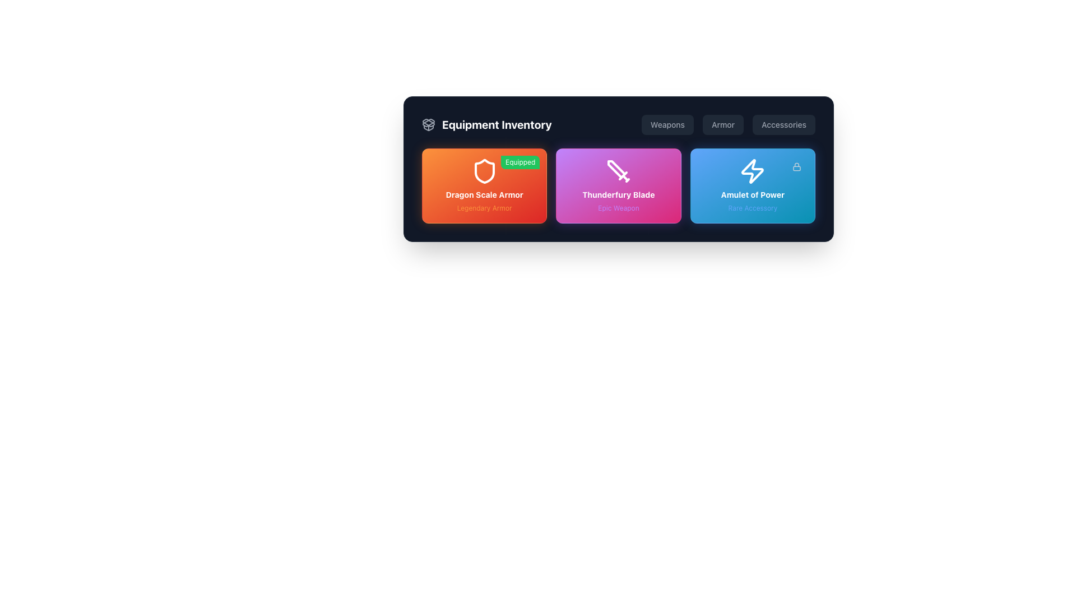 Image resolution: width=1076 pixels, height=605 pixels. I want to click on the text label 'Epic Weapon' styled in purple, which is positioned below the 'Thunderfury Blade' title within the pink card for the item description, so click(618, 208).